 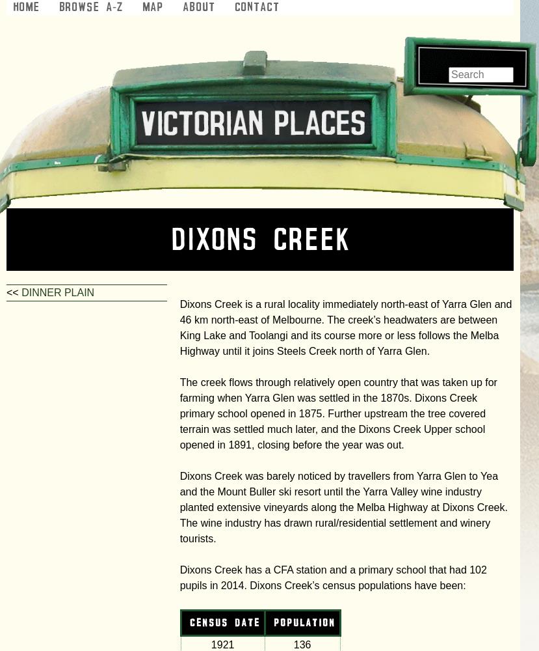 What do you see at coordinates (342, 507) in the screenshot?
I see `'Dixons Creek was barely noticed by travellers from Yarra Glen to Yea and the Mount Buller ski resort until the Yarra Valley wine industry planted extensive vineyards along the Melba Highway at Dixons Creek. The wine industry has drawn rural/residential settlement and winery tourists.'` at bounding box center [342, 507].